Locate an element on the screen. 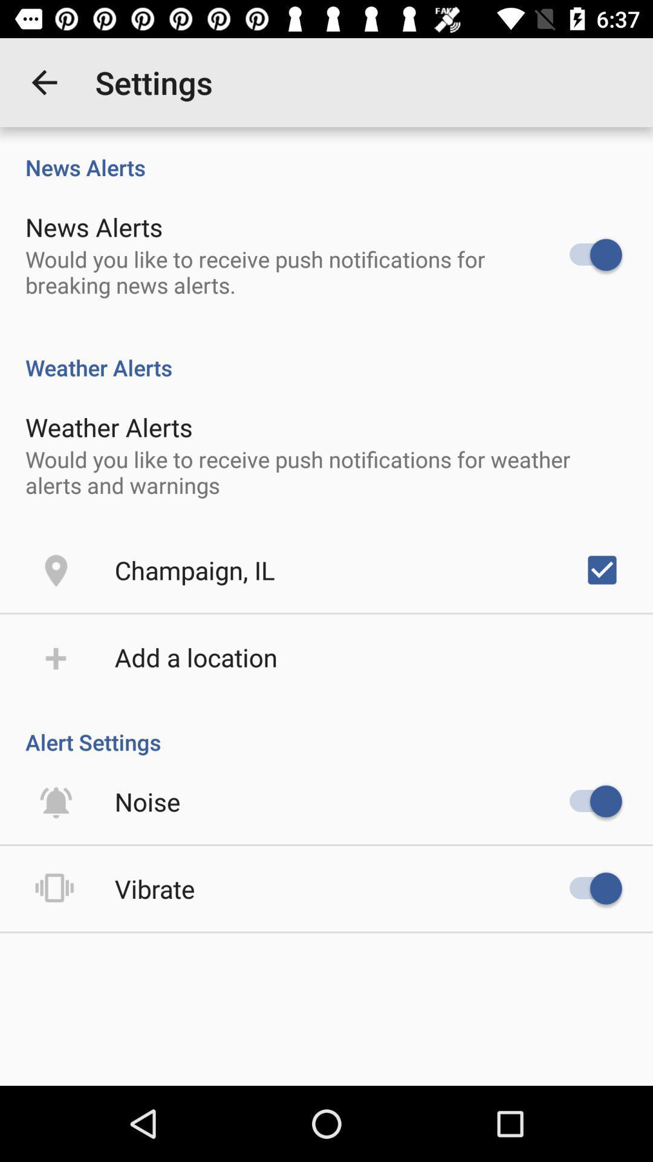 The image size is (653, 1162). the item below champaign, il is located at coordinates (195, 656).